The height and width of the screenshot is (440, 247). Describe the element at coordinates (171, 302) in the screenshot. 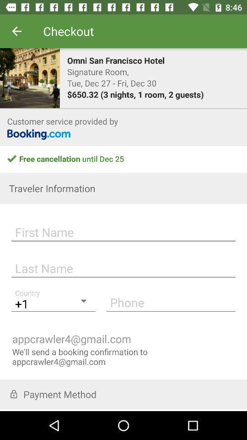

I see `icon to the right of +1` at that location.